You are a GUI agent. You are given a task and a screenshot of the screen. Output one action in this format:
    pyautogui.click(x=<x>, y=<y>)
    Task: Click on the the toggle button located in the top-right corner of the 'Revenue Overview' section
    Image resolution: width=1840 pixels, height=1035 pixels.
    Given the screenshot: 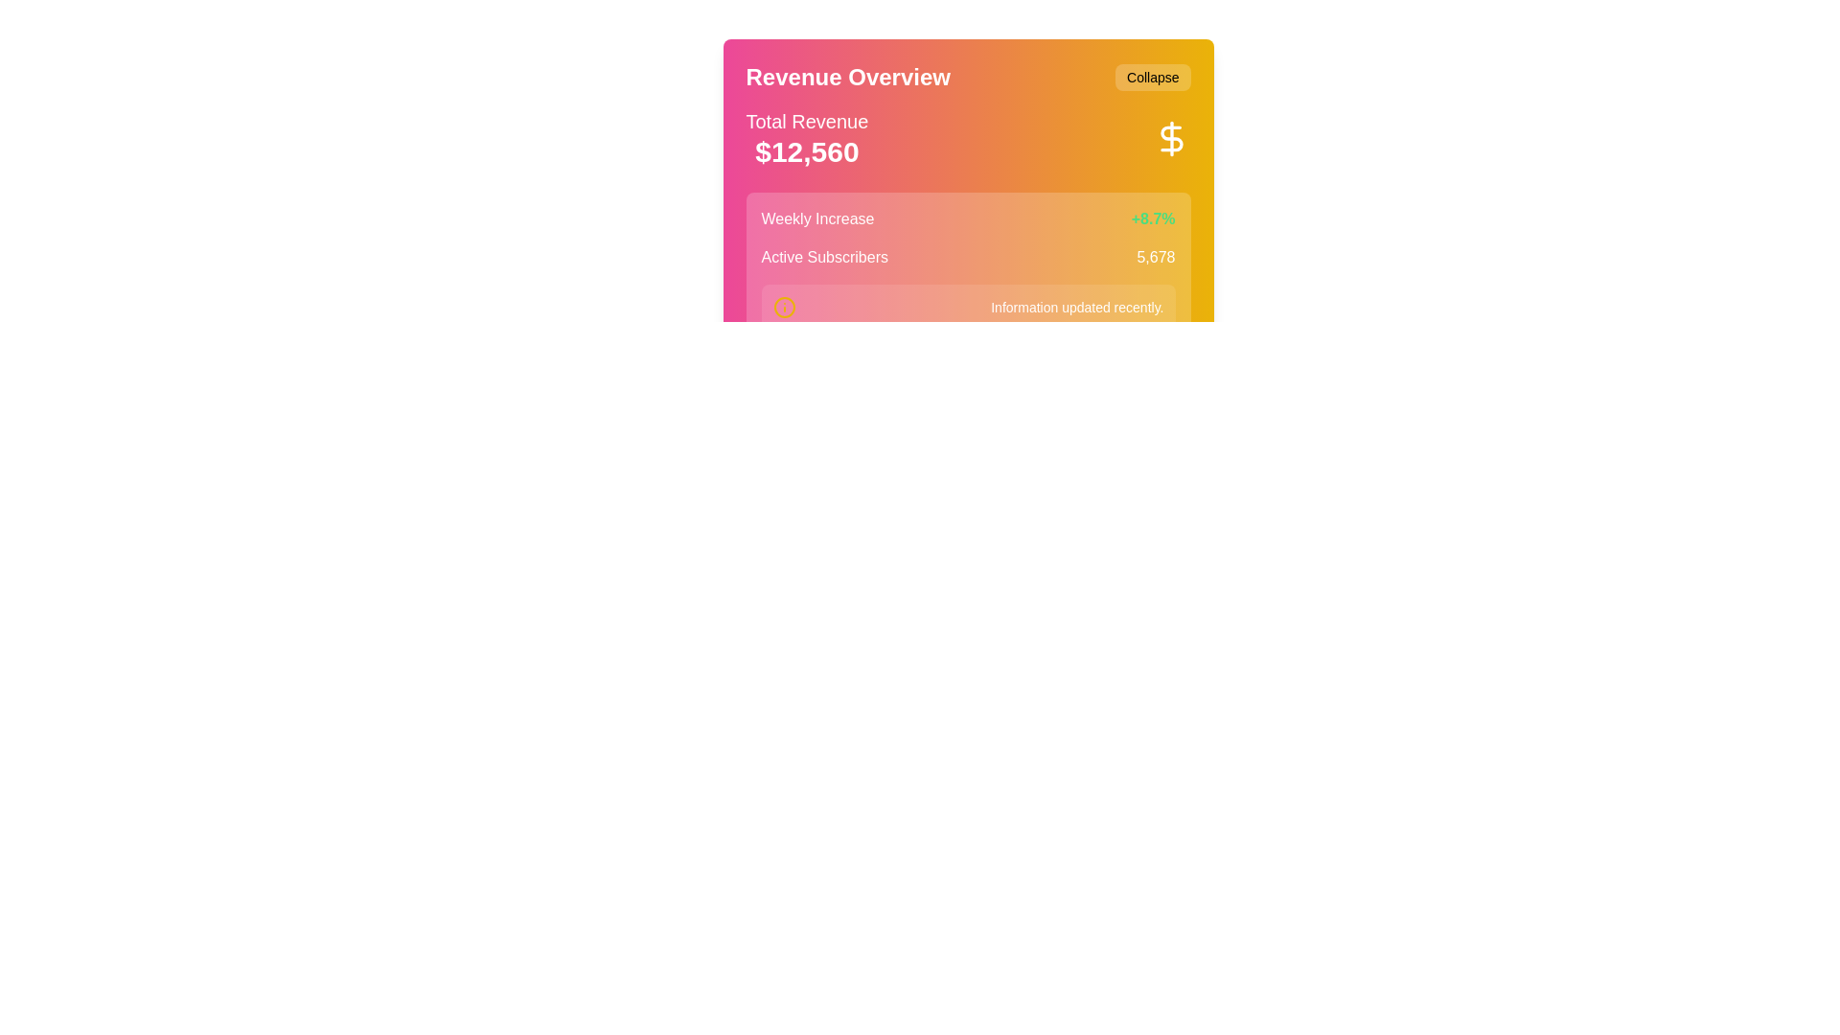 What is the action you would take?
    pyautogui.click(x=1152, y=77)
    